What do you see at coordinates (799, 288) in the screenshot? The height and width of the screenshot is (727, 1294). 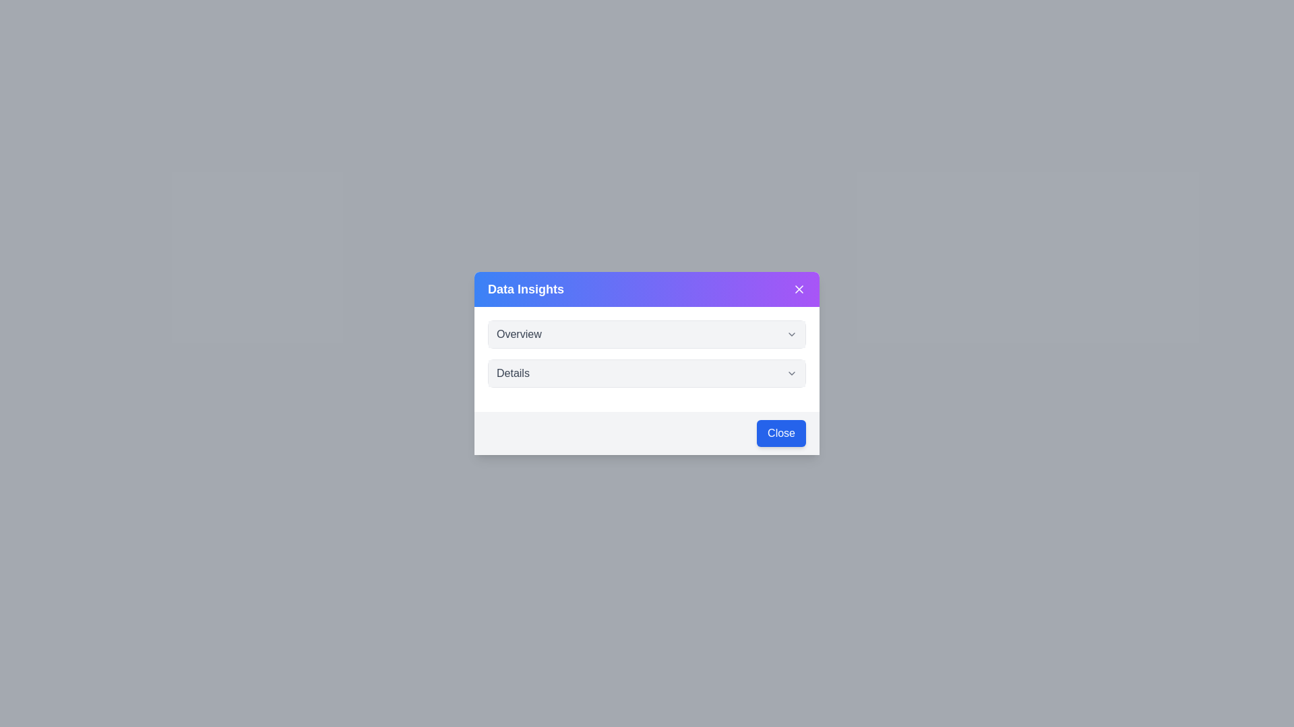 I see `the X button in the top-right corner of the dialog to close it` at bounding box center [799, 288].